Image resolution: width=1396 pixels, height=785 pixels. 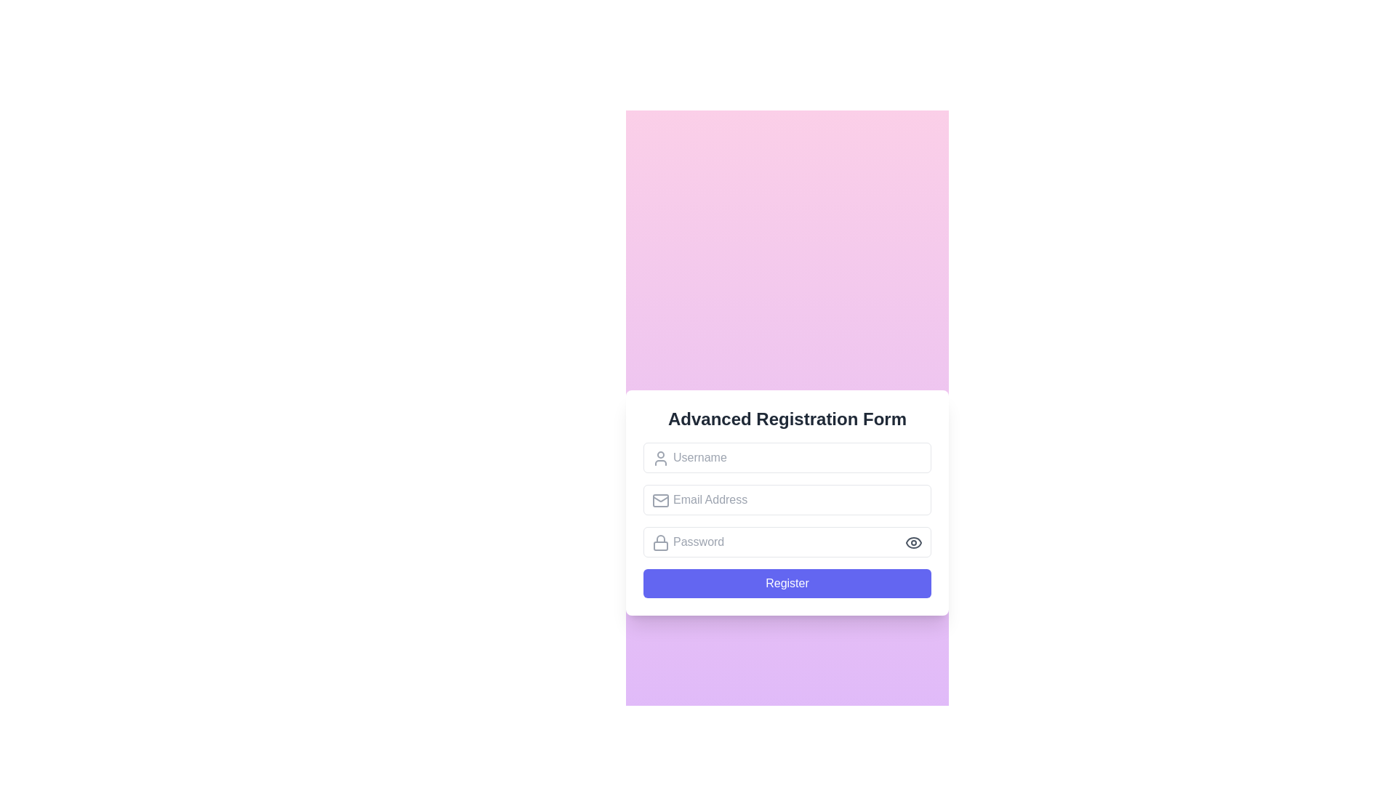 I want to click on the decorative envelope base component of the email icon located inside the email input field, positioned next to the placeholder text 'Email Address', so click(x=659, y=500).